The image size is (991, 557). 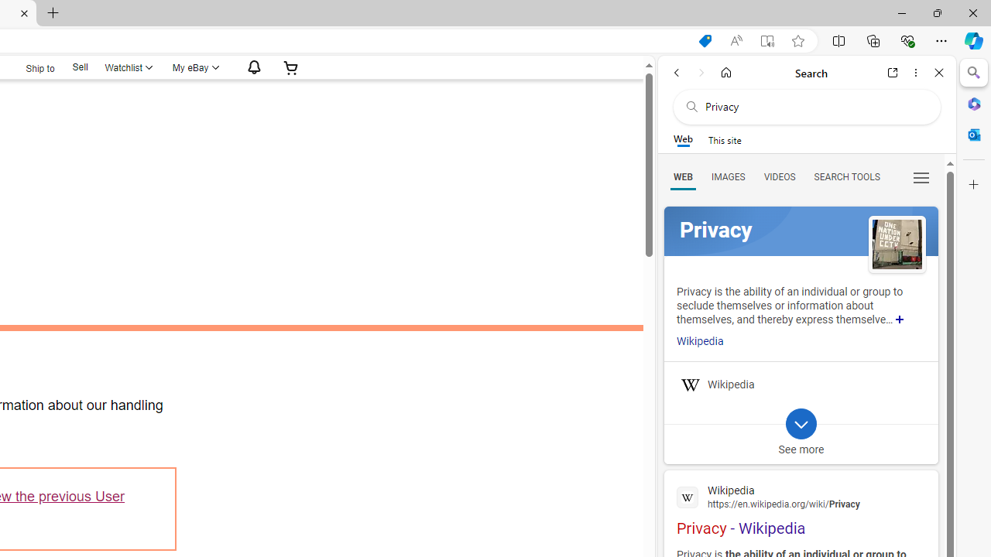 What do you see at coordinates (128, 67) in the screenshot?
I see `'Watchlist'` at bounding box center [128, 67].